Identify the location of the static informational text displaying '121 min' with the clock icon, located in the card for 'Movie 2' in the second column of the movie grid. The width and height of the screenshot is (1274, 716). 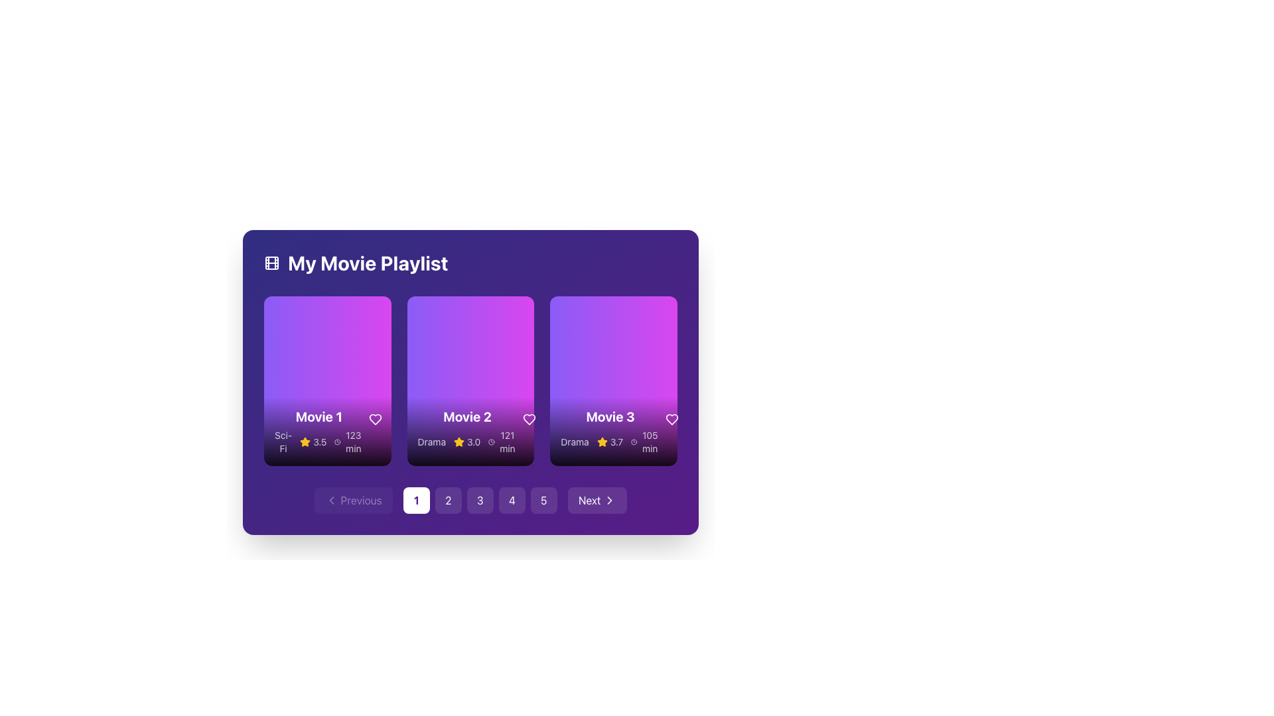
(502, 442).